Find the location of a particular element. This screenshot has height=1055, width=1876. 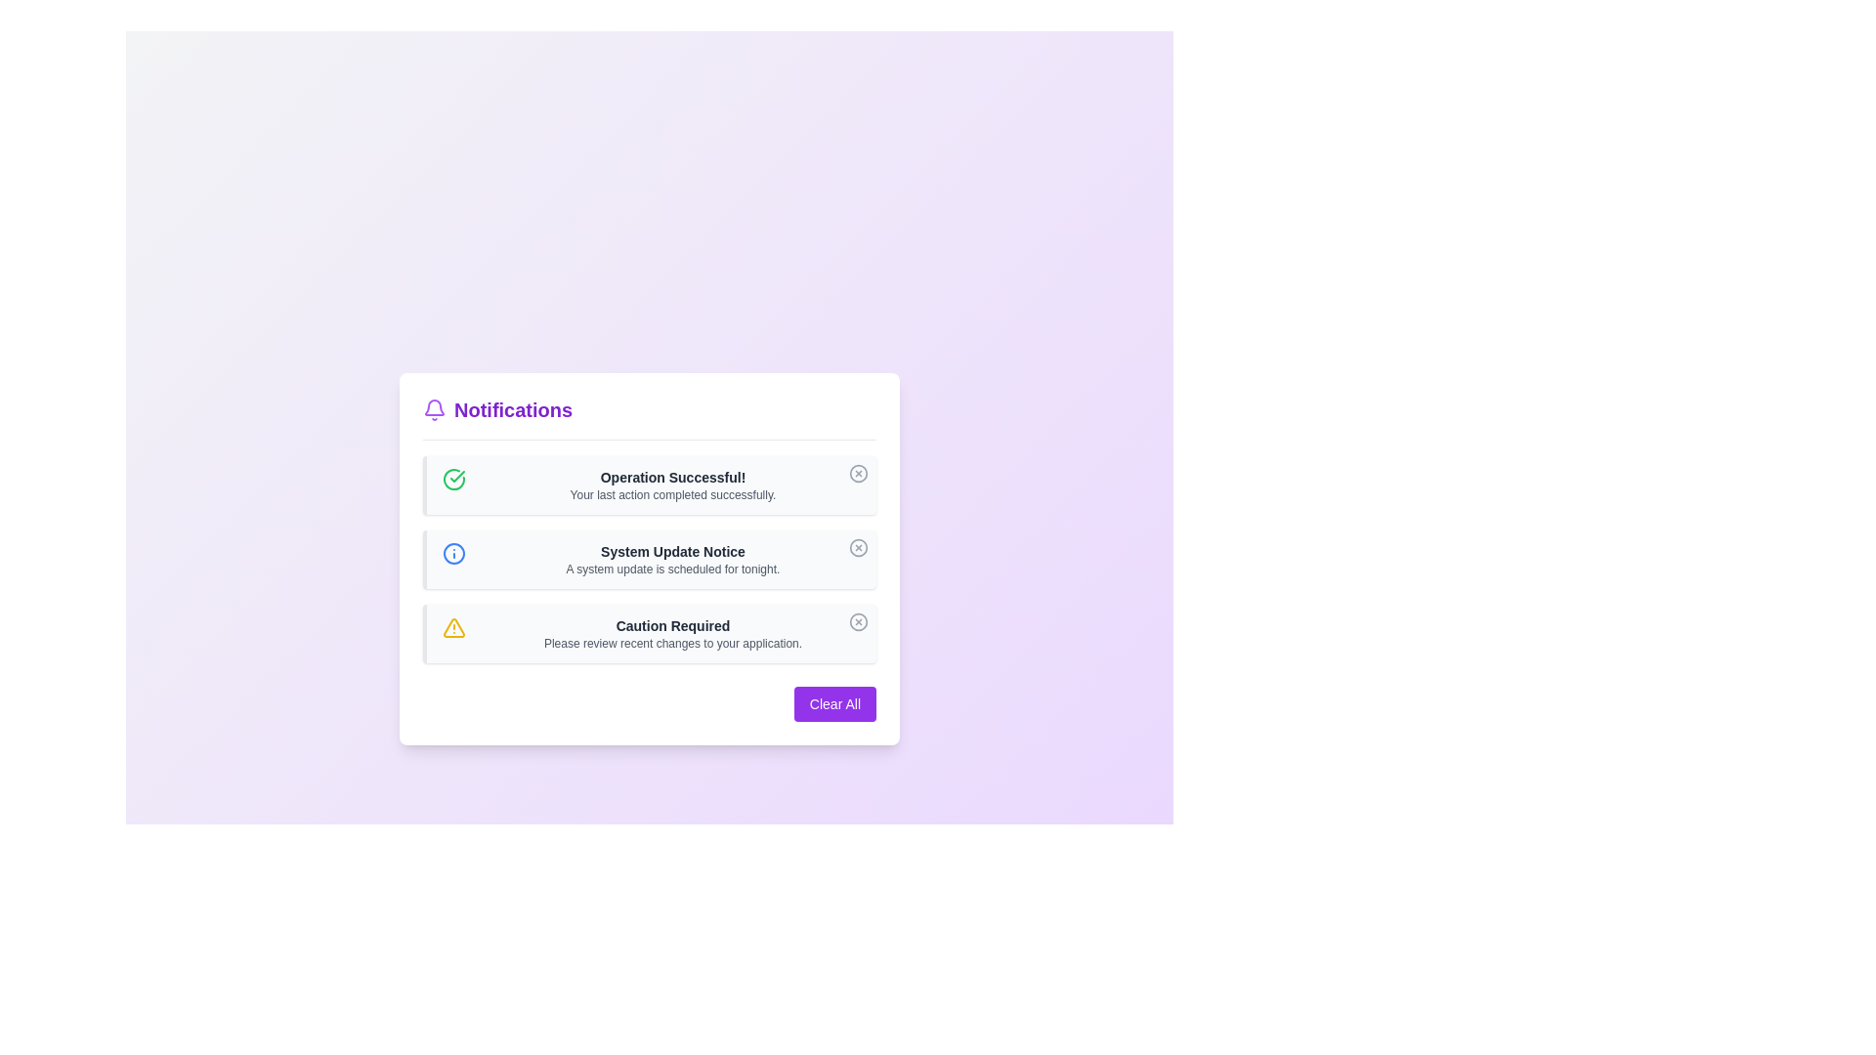

notification text from the 'Caution Required' notification card, which is the last item in the notification list is located at coordinates (650, 633).